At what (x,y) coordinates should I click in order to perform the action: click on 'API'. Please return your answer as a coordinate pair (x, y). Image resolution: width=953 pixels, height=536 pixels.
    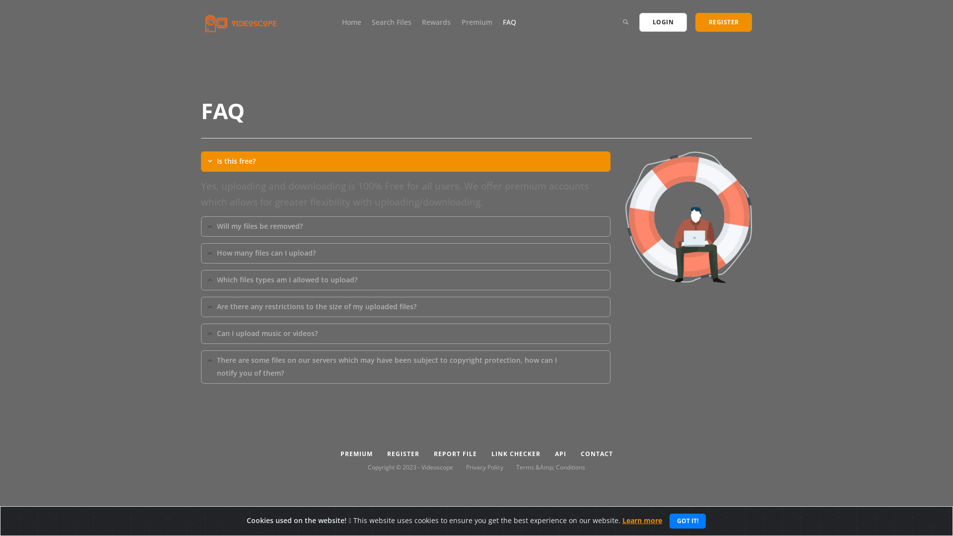
    Looking at the image, I should click on (560, 454).